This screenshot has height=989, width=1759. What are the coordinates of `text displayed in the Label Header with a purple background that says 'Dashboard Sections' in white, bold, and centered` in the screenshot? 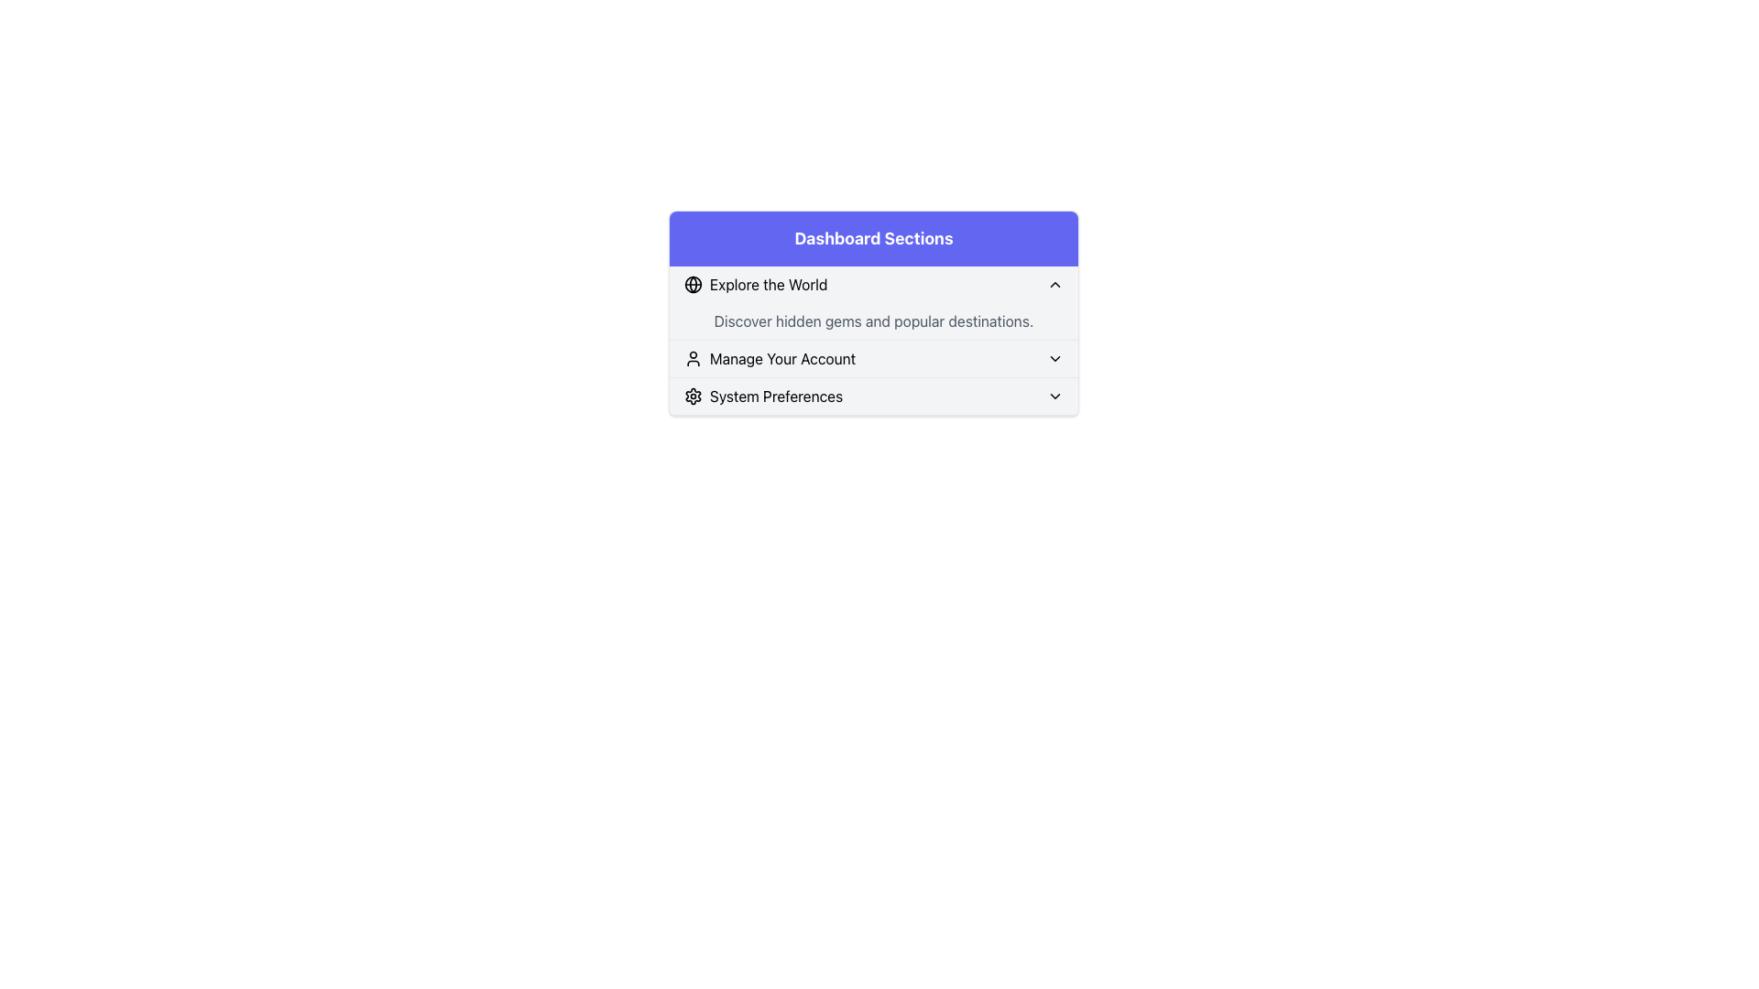 It's located at (873, 238).